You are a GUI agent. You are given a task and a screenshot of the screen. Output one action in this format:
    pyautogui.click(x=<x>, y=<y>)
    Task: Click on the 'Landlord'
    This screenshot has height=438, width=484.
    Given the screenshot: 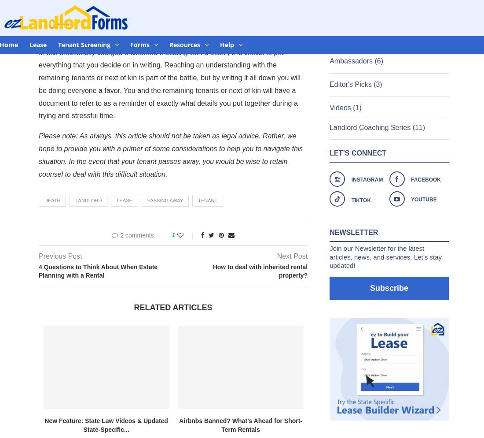 What is the action you would take?
    pyautogui.click(x=27, y=233)
    